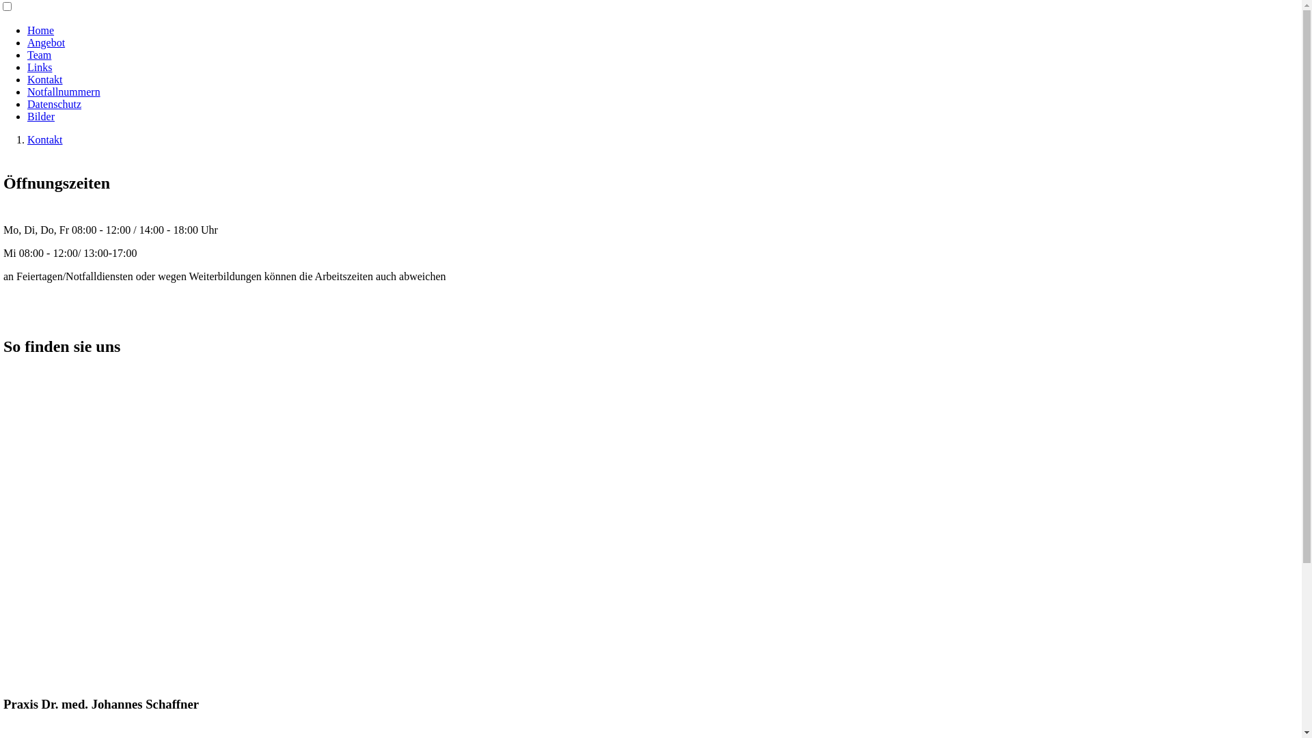  What do you see at coordinates (27, 92) in the screenshot?
I see `'Notfallnummern'` at bounding box center [27, 92].